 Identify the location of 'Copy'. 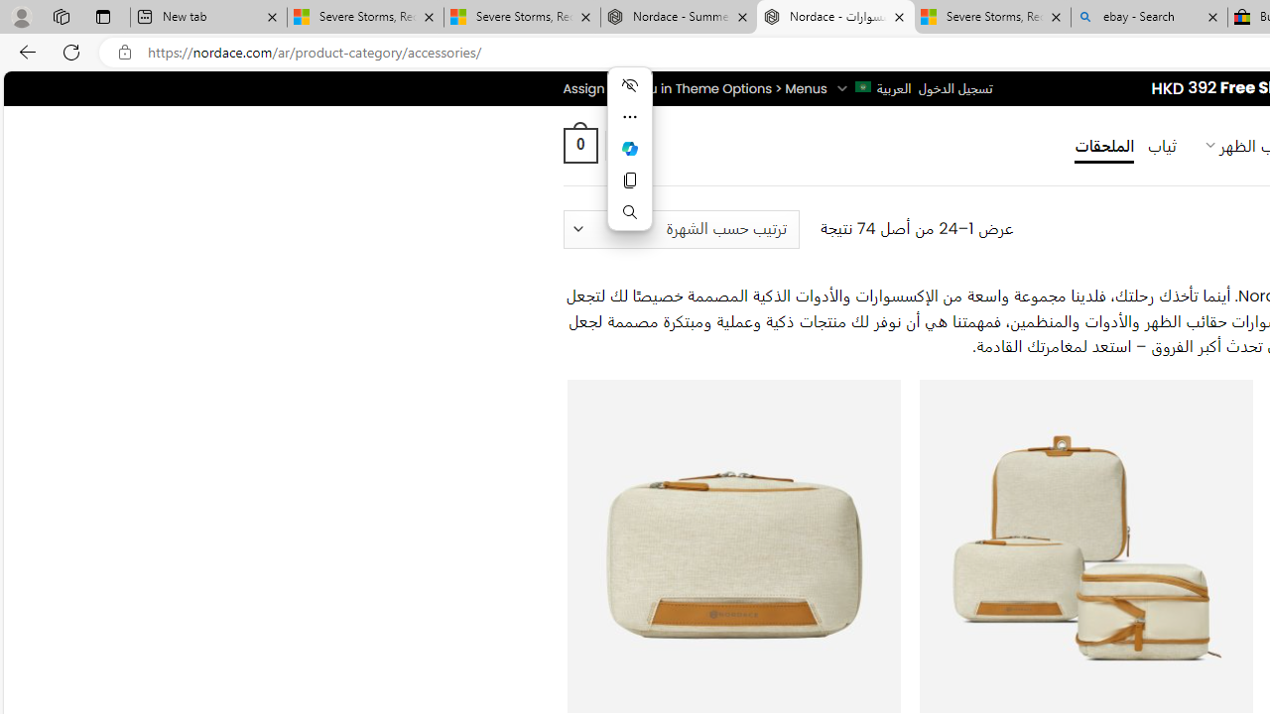
(628, 180).